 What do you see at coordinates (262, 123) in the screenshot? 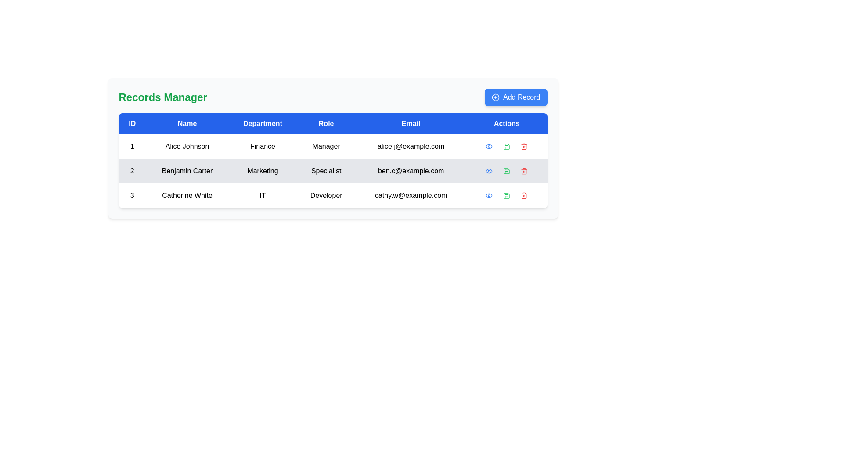
I see `the 'Department' text label in the table header, which is positioned between the 'Name' and 'Role' columns` at bounding box center [262, 123].